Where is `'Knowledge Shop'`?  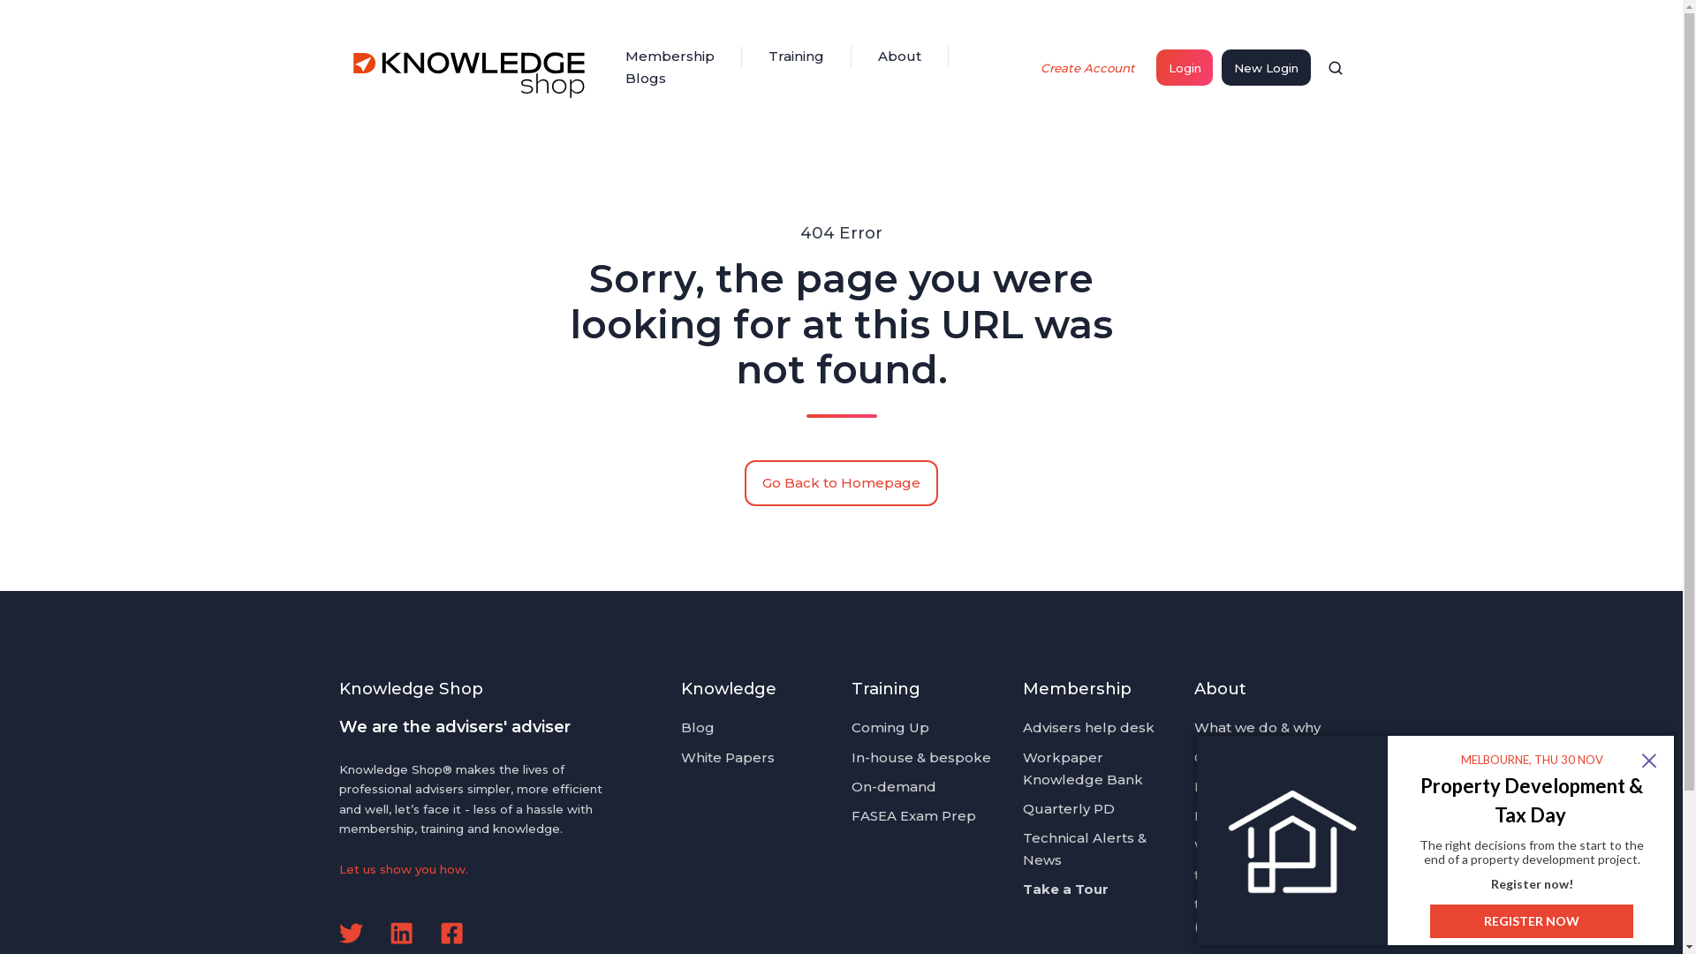
'Knowledge Shop' is located at coordinates (471, 67).